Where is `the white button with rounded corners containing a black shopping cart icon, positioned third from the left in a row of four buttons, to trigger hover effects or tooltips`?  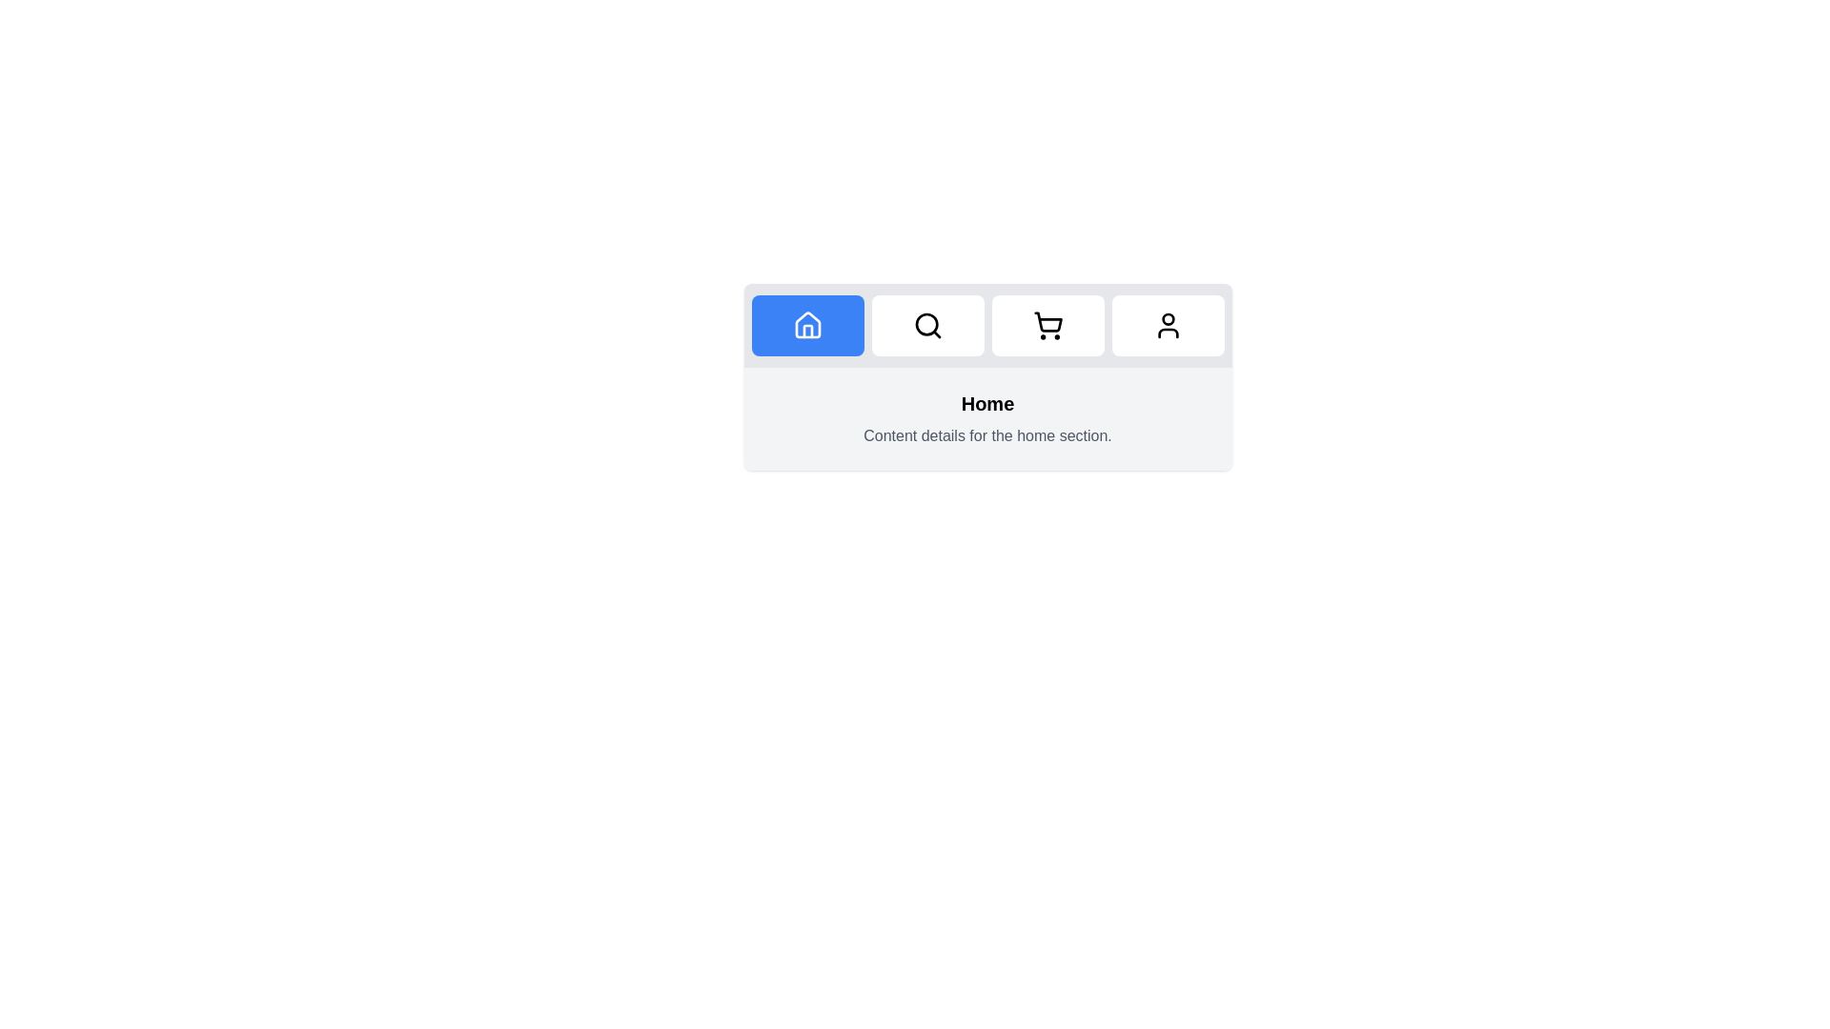
the white button with rounded corners containing a black shopping cart icon, positioned third from the left in a row of four buttons, to trigger hover effects or tooltips is located at coordinates (1047, 325).